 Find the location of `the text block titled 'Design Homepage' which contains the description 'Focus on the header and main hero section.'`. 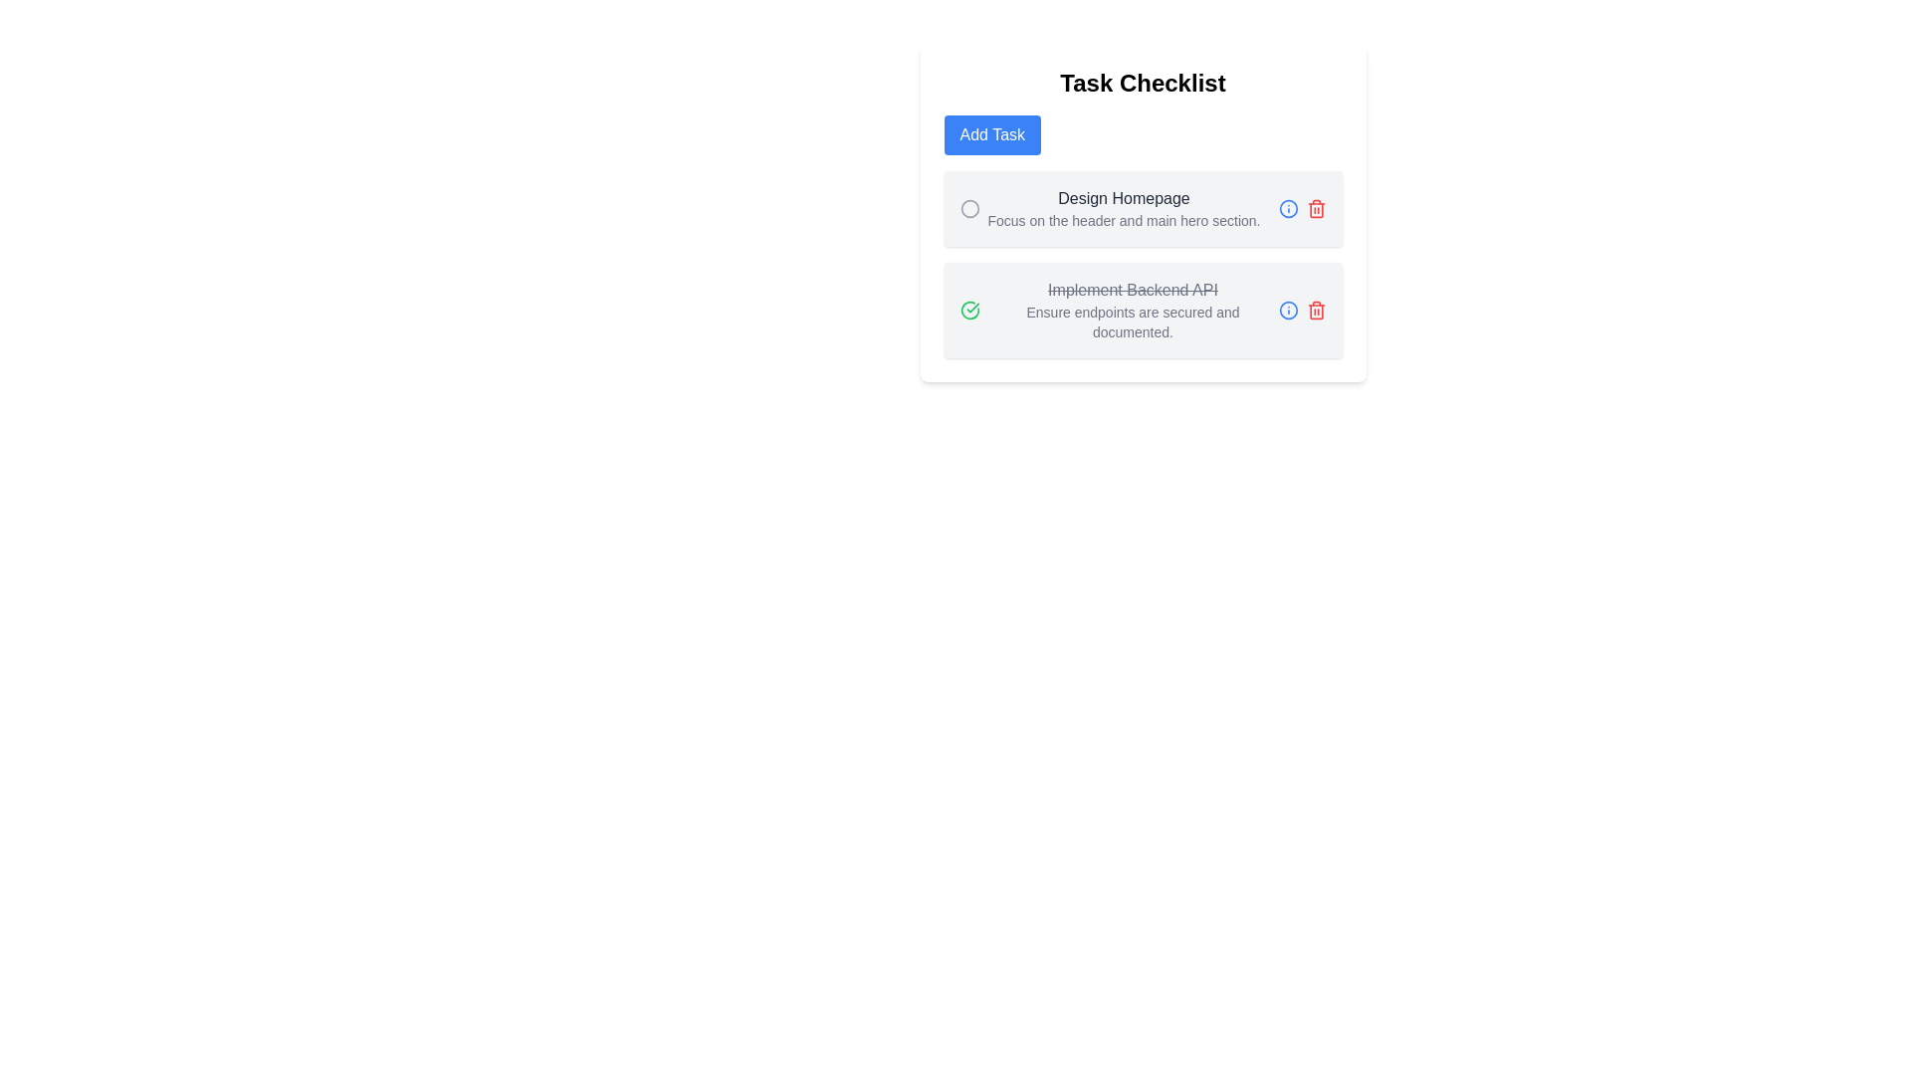

the text block titled 'Design Homepage' which contains the description 'Focus on the header and main hero section.' is located at coordinates (1124, 208).